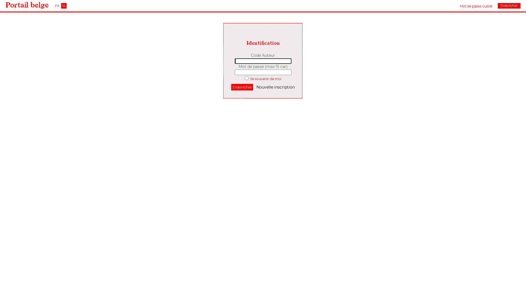 The image size is (526, 296). Describe the element at coordinates (57, 5) in the screenshot. I see `'FR'` at that location.